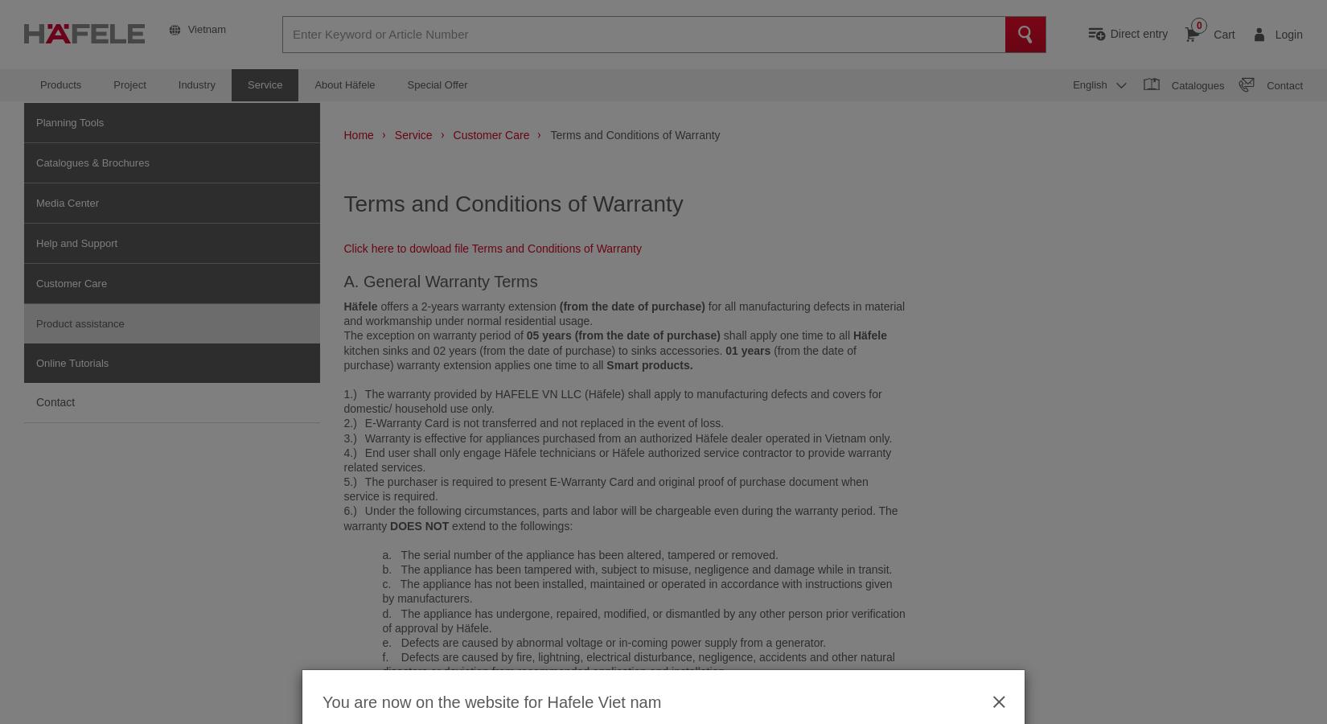 Image resolution: width=1327 pixels, height=724 pixels. Describe the element at coordinates (36, 202) in the screenshot. I see `'Media Center'` at that location.